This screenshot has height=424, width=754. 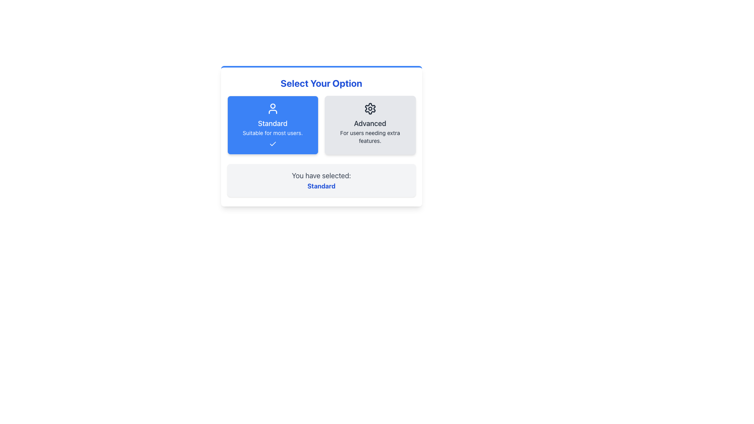 I want to click on the 'Standard' option icon, which is visually represented by a user-like head icon centrally located in the interface, with prominent text below it, so click(x=273, y=106).